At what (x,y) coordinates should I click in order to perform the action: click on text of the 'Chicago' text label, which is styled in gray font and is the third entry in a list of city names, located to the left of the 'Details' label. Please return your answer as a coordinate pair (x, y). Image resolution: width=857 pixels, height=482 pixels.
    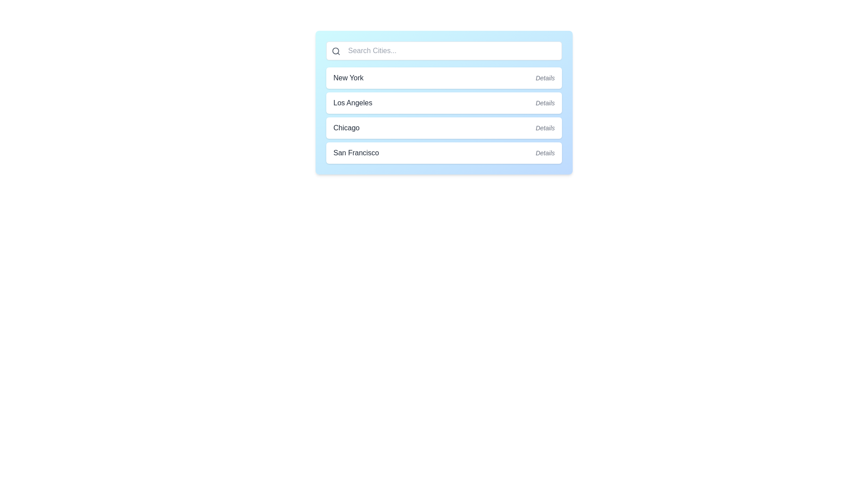
    Looking at the image, I should click on (346, 128).